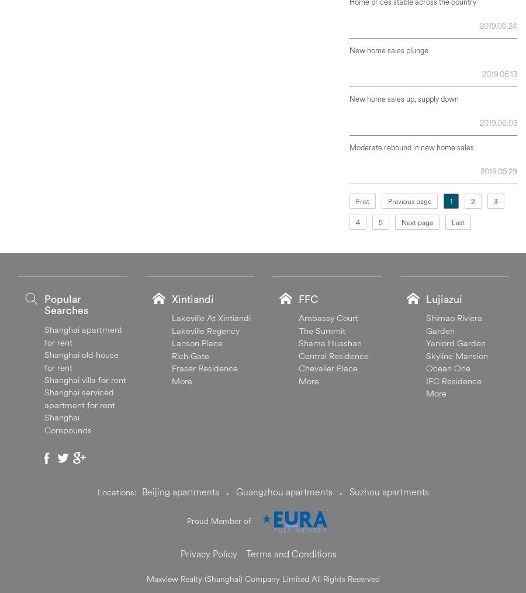  I want to click on 'Previous page', so click(409, 200).